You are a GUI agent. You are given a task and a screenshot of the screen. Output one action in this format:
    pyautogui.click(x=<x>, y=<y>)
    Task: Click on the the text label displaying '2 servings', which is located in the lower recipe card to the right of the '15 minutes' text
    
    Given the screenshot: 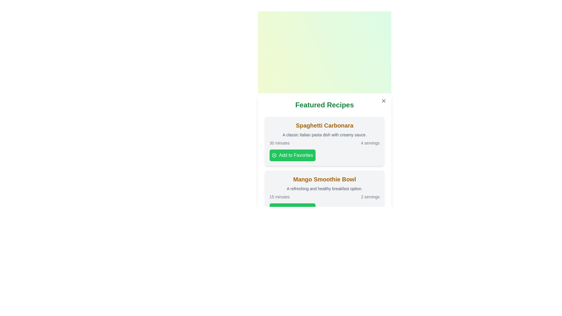 What is the action you would take?
    pyautogui.click(x=370, y=197)
    